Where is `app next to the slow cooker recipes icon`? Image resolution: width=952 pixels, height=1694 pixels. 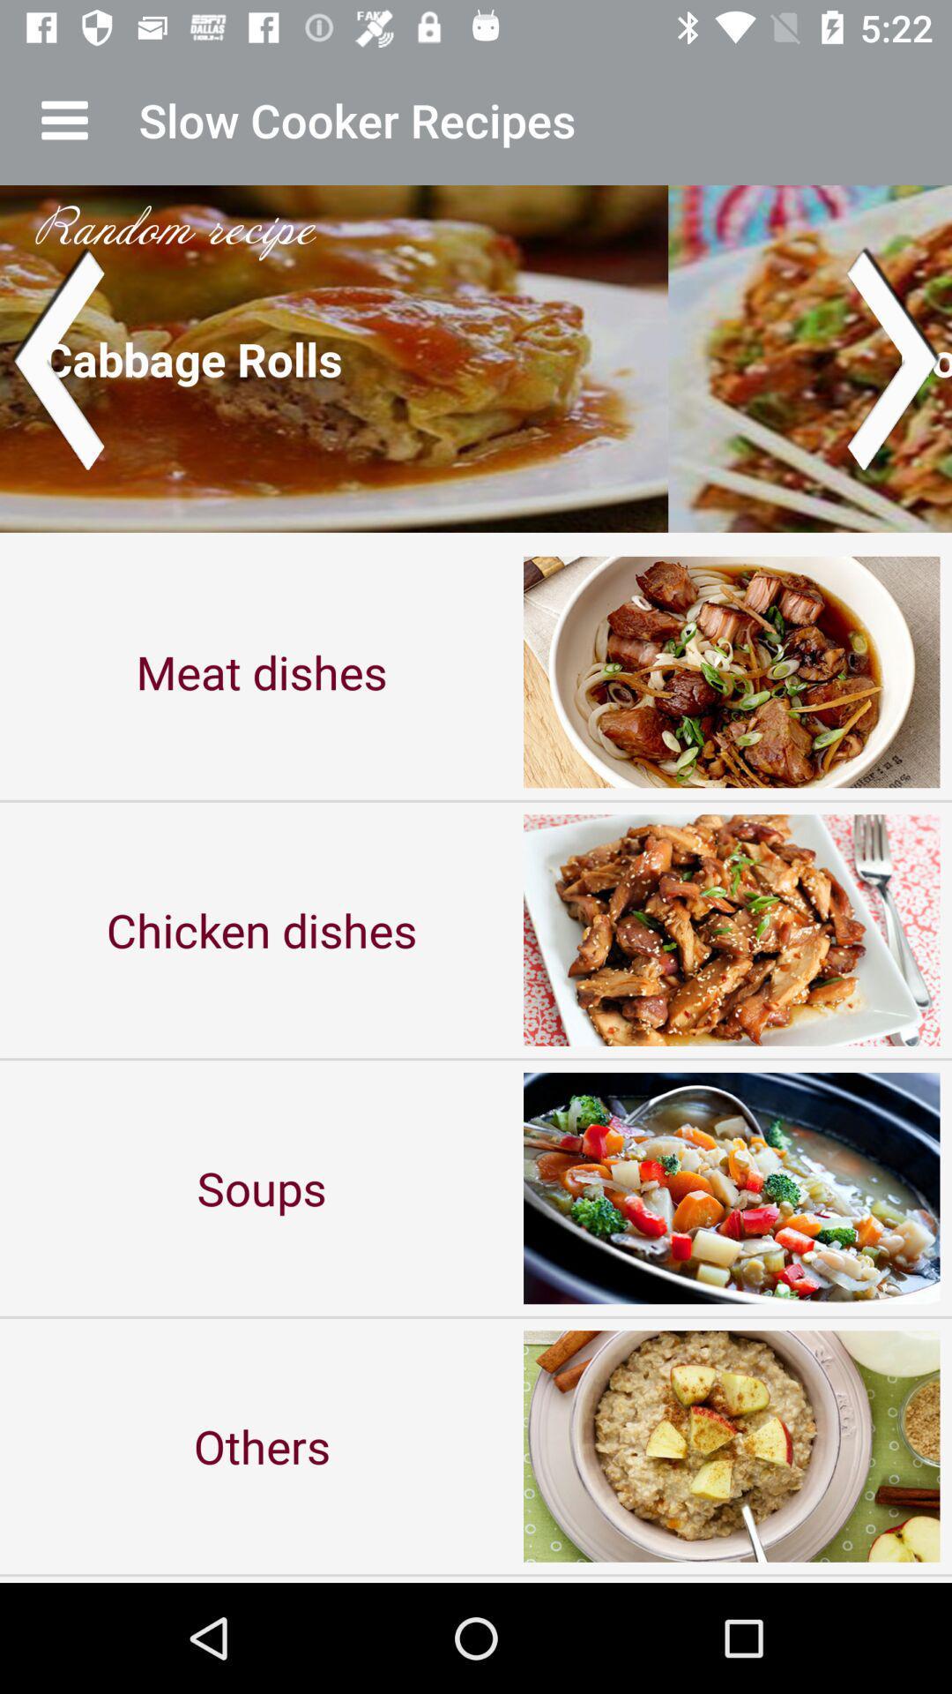 app next to the slow cooker recipes icon is located at coordinates (63, 119).